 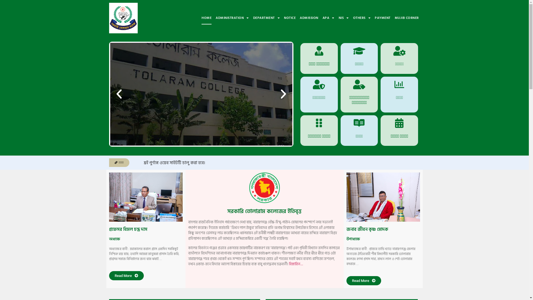 I want to click on 'MUJIB CORNER', so click(x=407, y=18).